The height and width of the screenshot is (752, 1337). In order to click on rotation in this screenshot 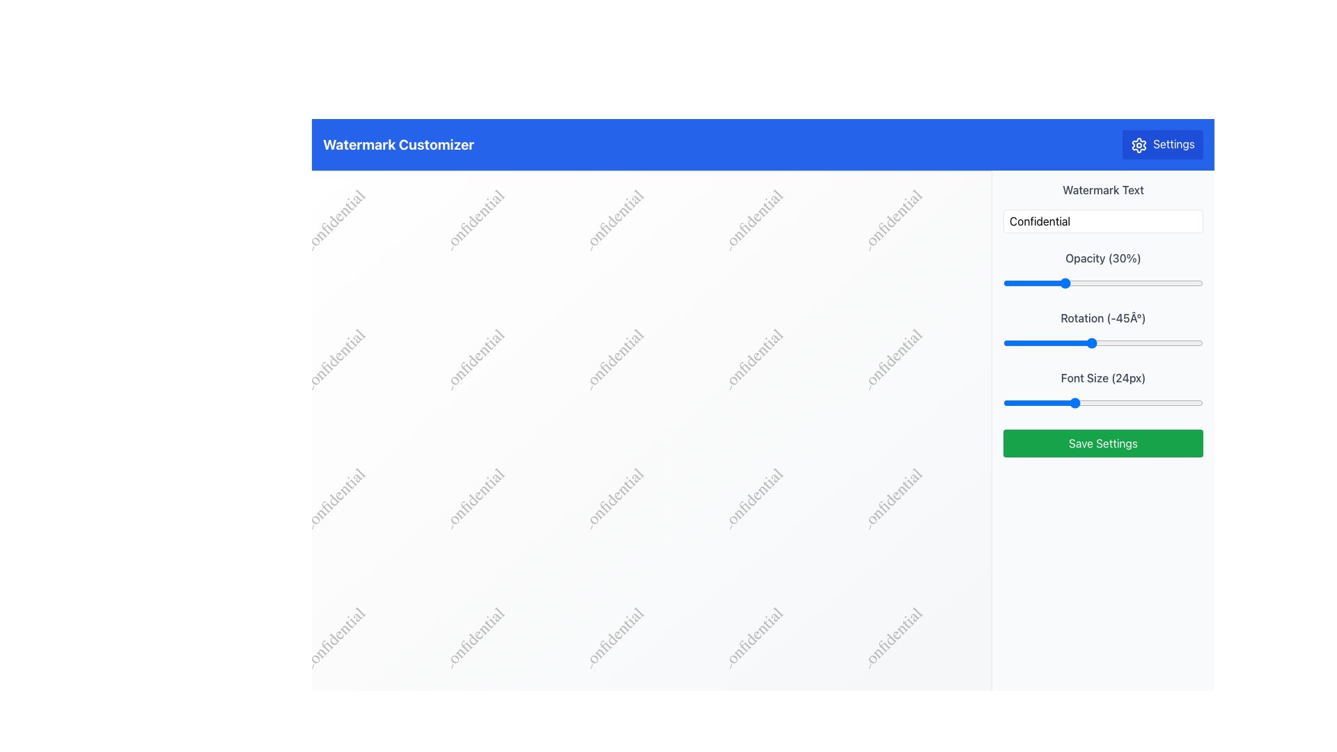, I will do `click(1202, 343)`.